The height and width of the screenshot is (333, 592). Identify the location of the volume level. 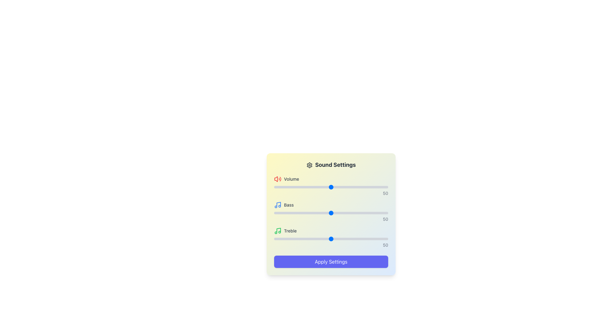
(303, 187).